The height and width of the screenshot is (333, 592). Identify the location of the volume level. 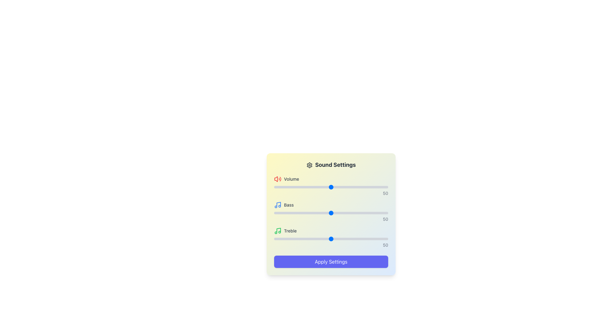
(303, 187).